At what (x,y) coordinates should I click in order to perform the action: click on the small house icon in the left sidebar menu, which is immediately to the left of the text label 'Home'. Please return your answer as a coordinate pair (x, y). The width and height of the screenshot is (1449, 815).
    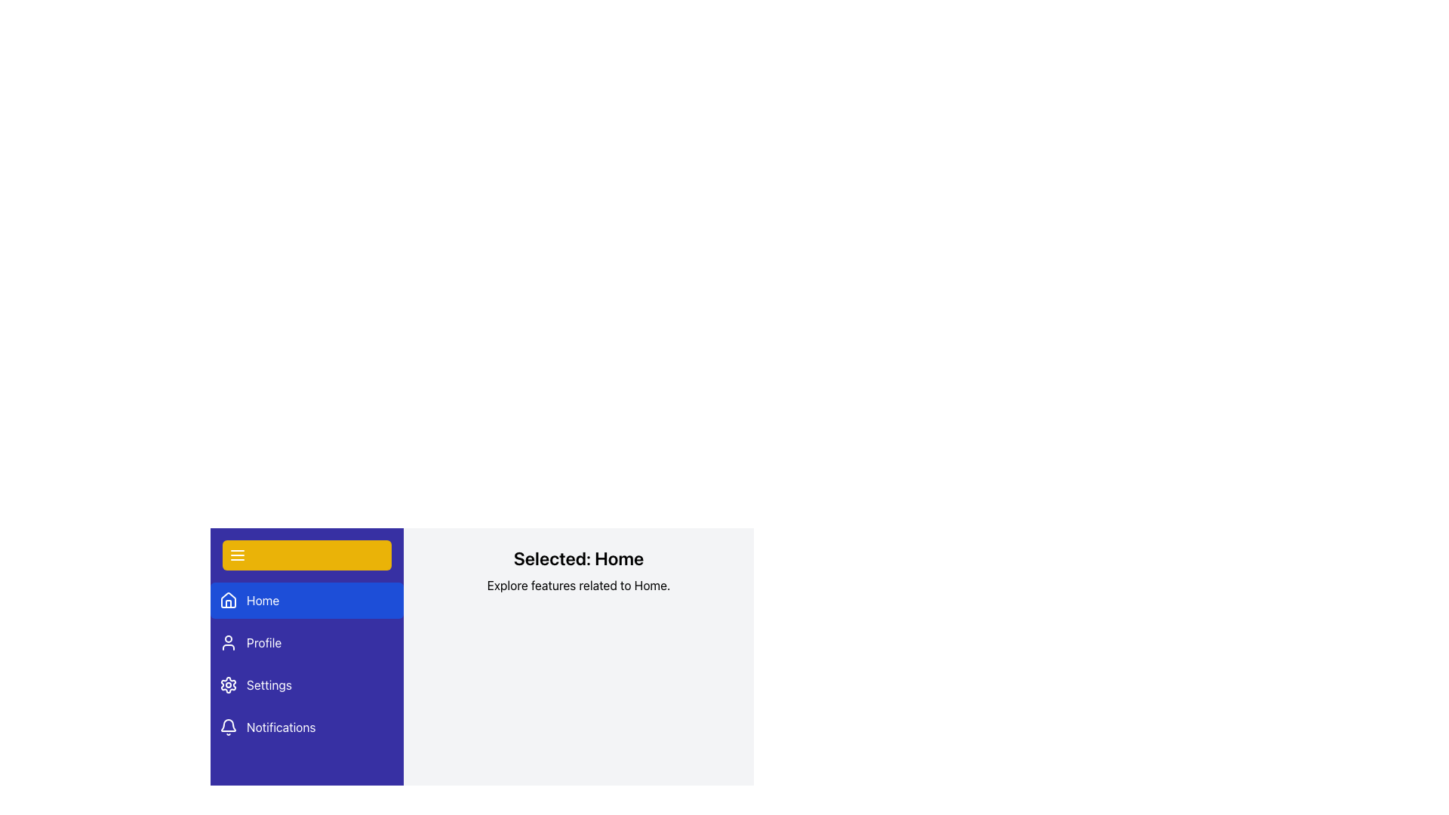
    Looking at the image, I should click on (227, 599).